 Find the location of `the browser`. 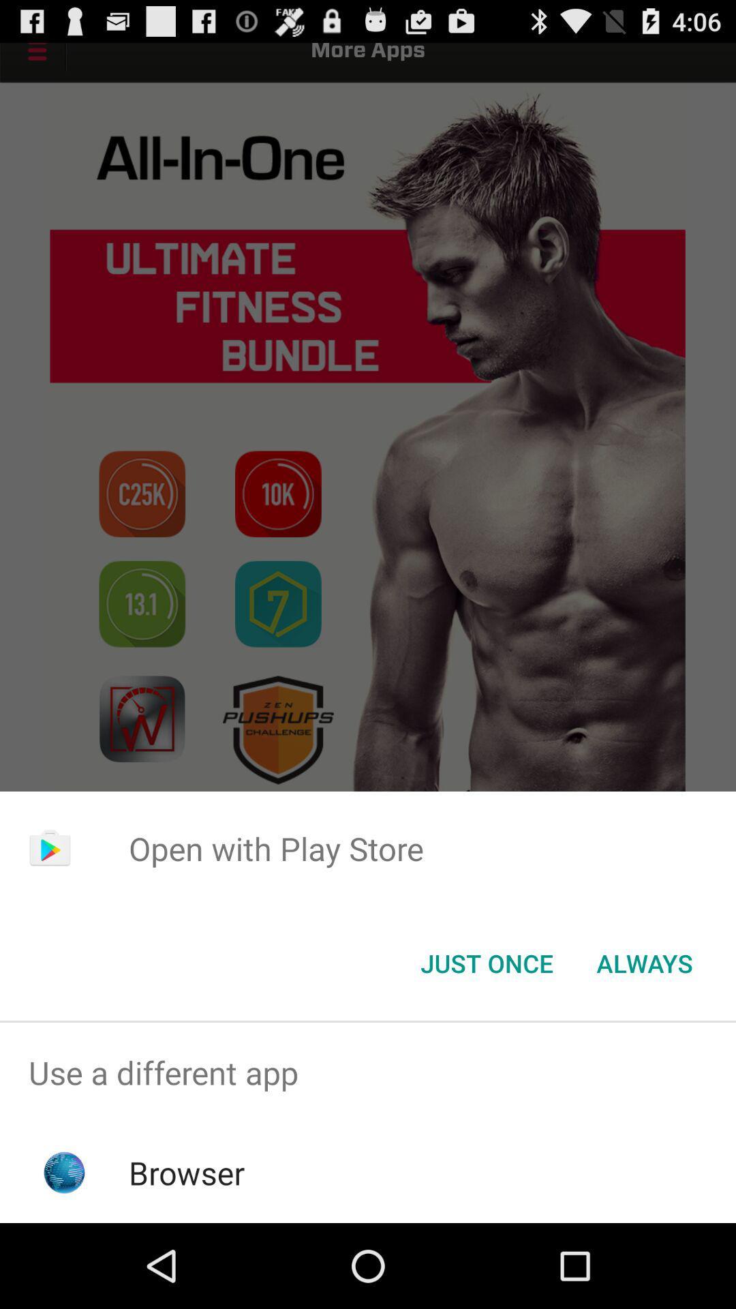

the browser is located at coordinates (187, 1172).